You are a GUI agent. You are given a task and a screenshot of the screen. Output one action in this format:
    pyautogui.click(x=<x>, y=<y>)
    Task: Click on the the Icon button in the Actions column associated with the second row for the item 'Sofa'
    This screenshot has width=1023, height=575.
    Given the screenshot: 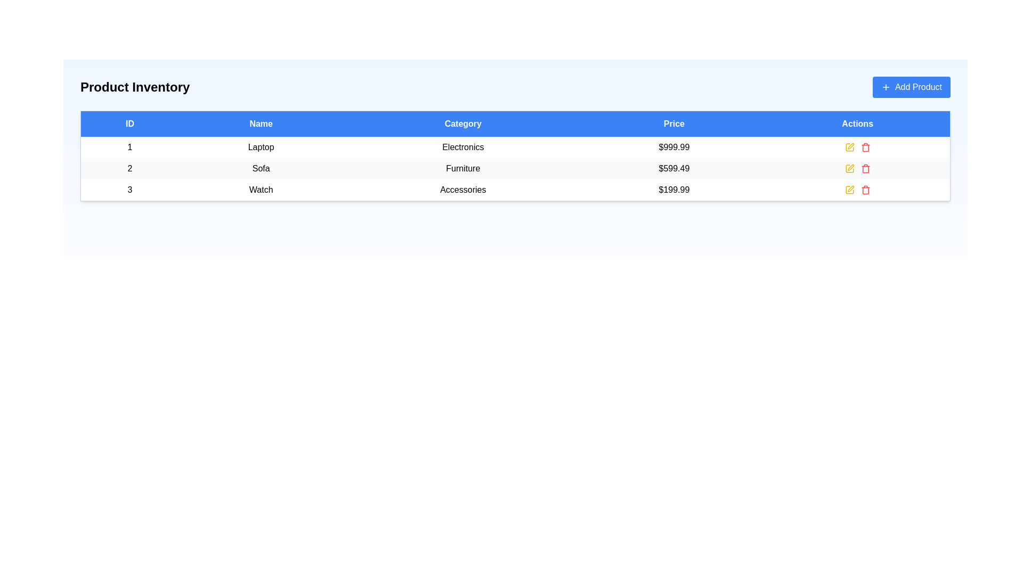 What is the action you would take?
    pyautogui.click(x=850, y=167)
    